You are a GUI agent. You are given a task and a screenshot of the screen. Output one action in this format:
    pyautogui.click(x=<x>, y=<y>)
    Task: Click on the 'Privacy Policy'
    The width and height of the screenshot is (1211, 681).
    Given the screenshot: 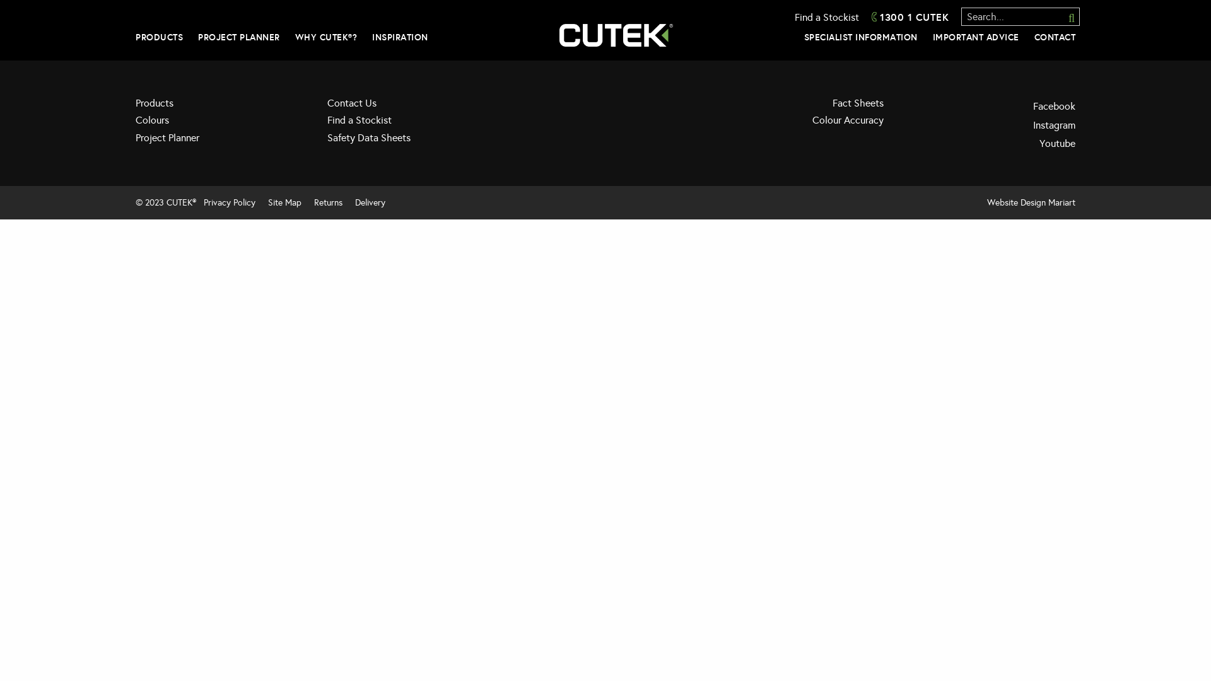 What is the action you would take?
    pyautogui.click(x=230, y=202)
    